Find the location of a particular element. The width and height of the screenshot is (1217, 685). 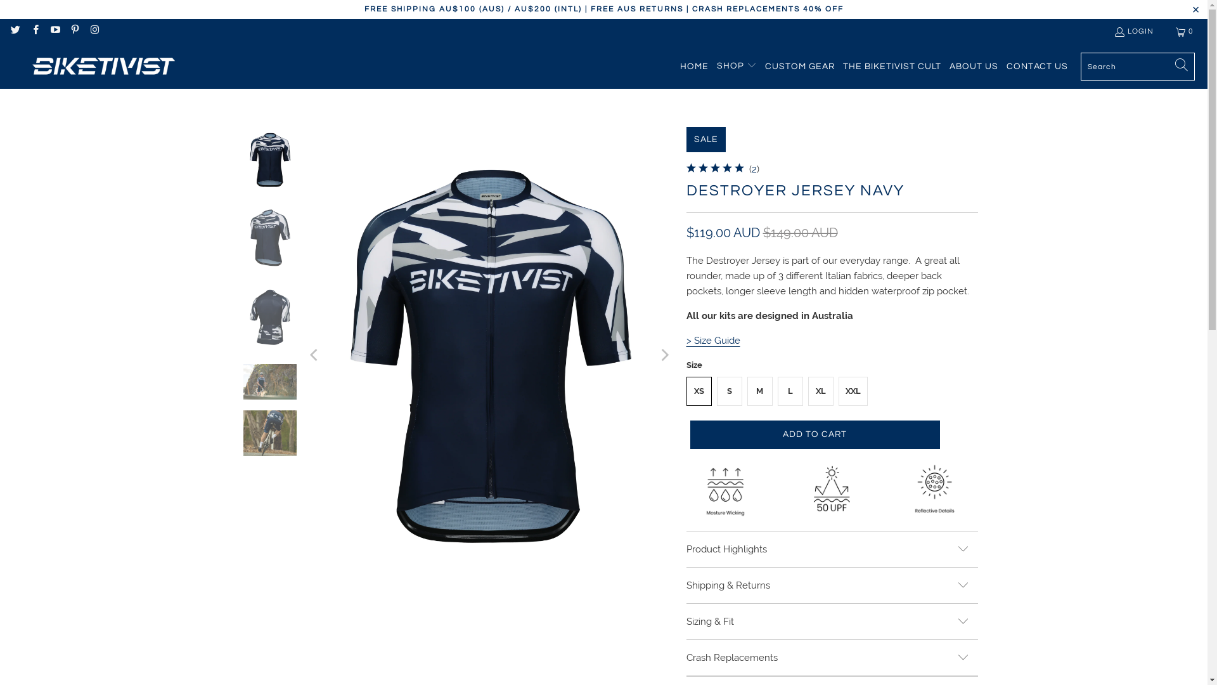

'Biketivist on Twitter' is located at coordinates (15, 30).